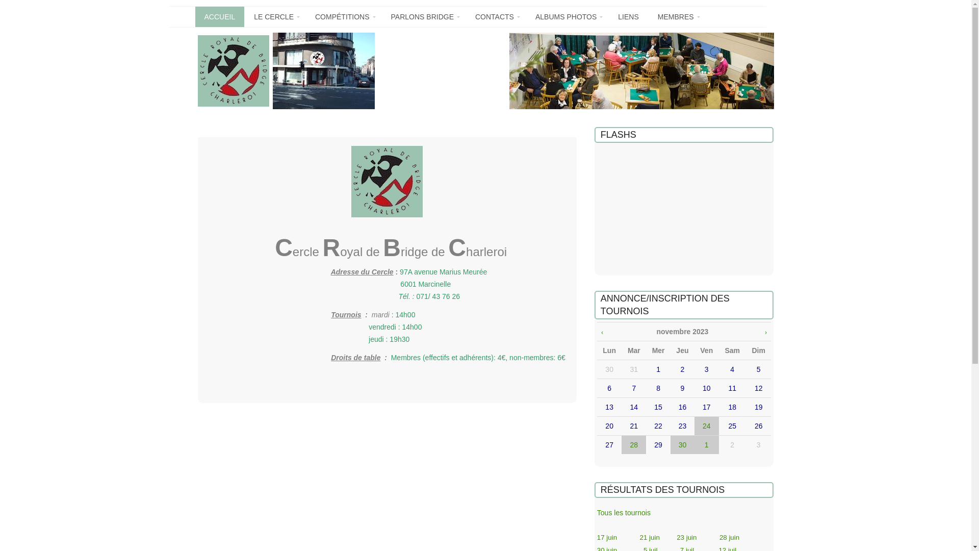 The height and width of the screenshot is (551, 979). Describe the element at coordinates (704, 444) in the screenshot. I see `'1'` at that location.